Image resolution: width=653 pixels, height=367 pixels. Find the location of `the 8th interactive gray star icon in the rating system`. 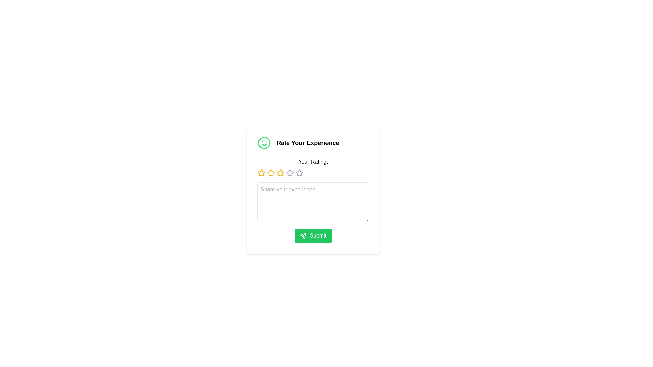

the 8th interactive gray star icon in the rating system is located at coordinates (299, 173).